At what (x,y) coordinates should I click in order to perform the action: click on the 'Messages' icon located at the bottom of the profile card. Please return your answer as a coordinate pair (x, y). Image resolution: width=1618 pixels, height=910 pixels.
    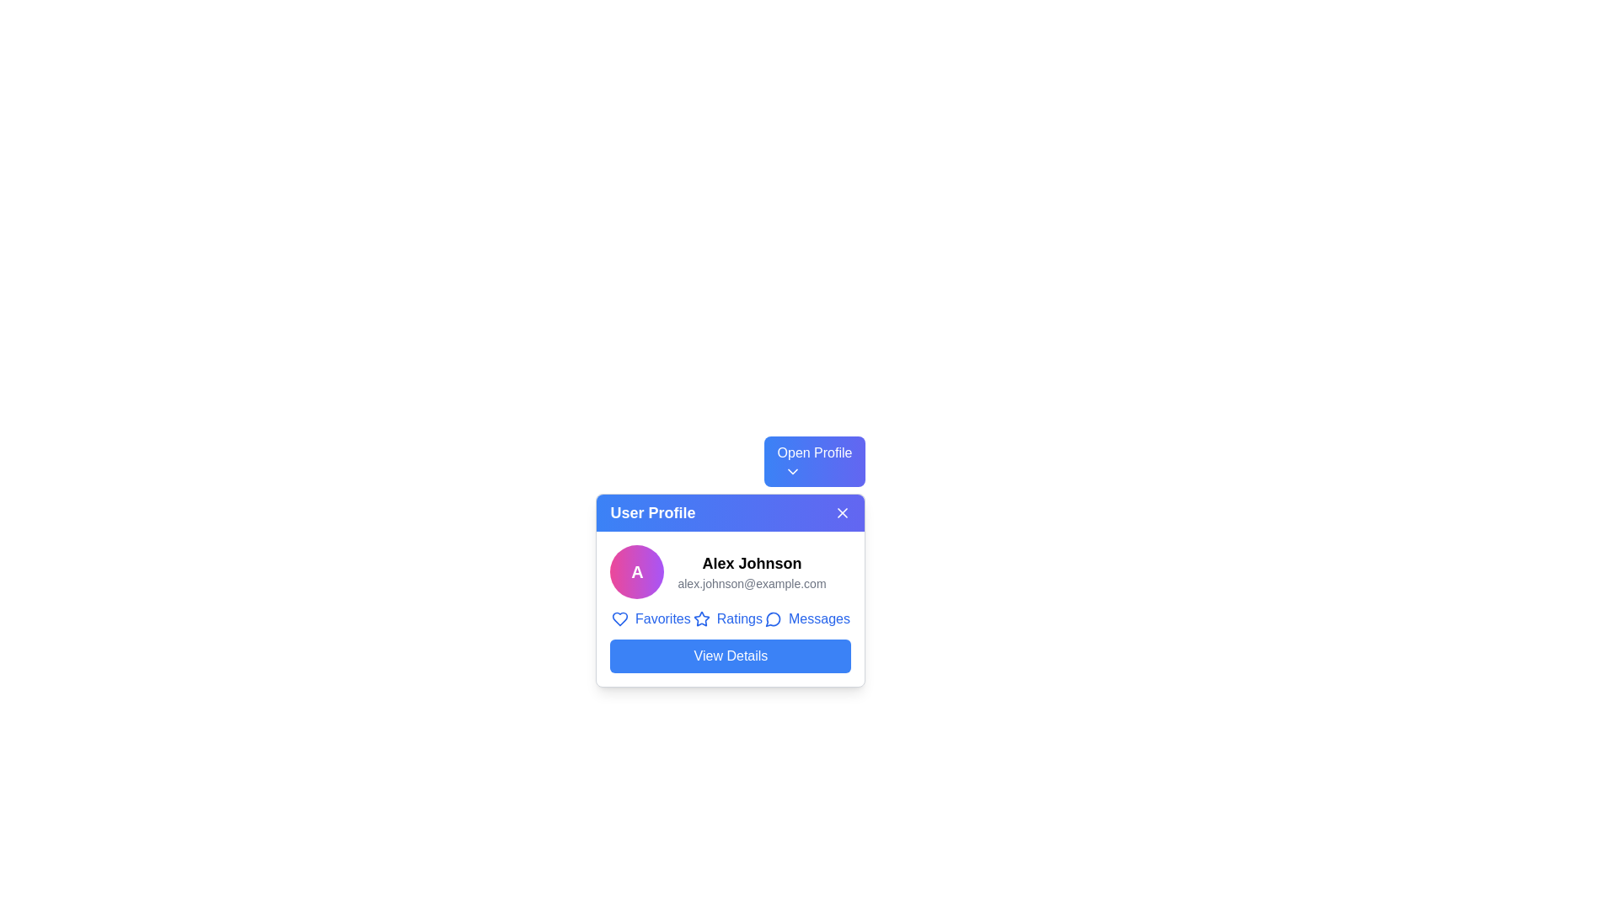
    Looking at the image, I should click on (772, 619).